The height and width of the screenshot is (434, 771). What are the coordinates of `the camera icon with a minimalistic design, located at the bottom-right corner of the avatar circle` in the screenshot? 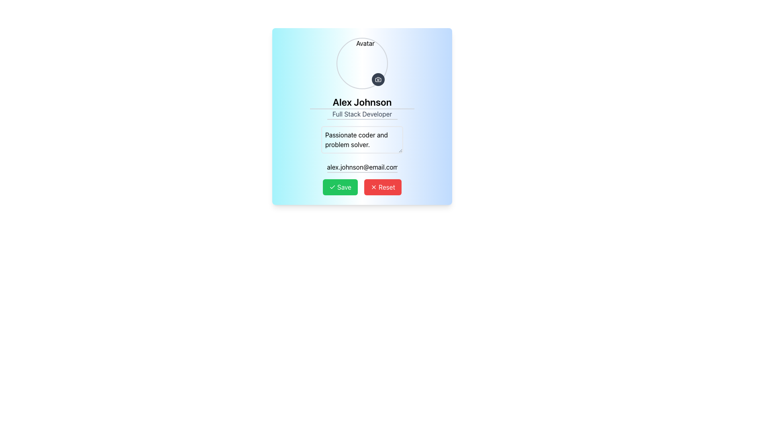 It's located at (377, 79).